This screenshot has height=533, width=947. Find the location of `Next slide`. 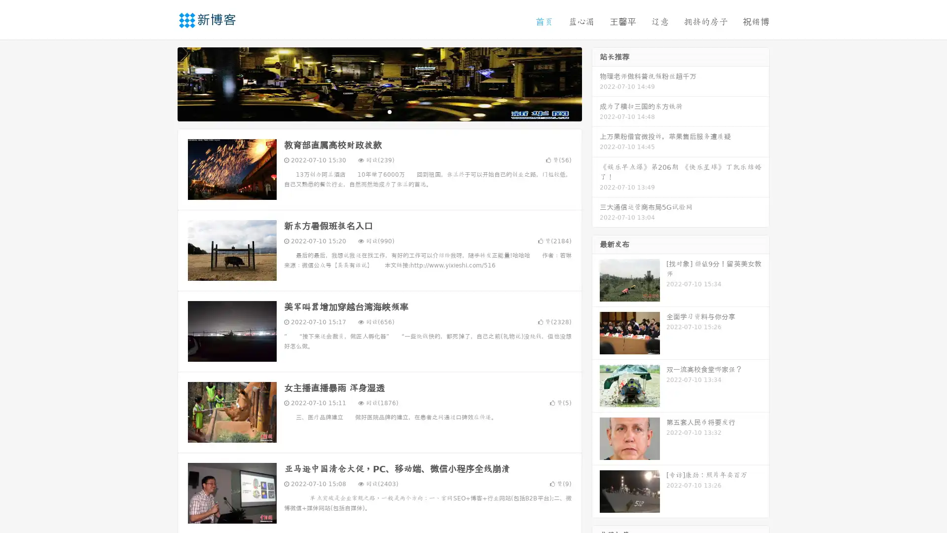

Next slide is located at coordinates (596, 83).